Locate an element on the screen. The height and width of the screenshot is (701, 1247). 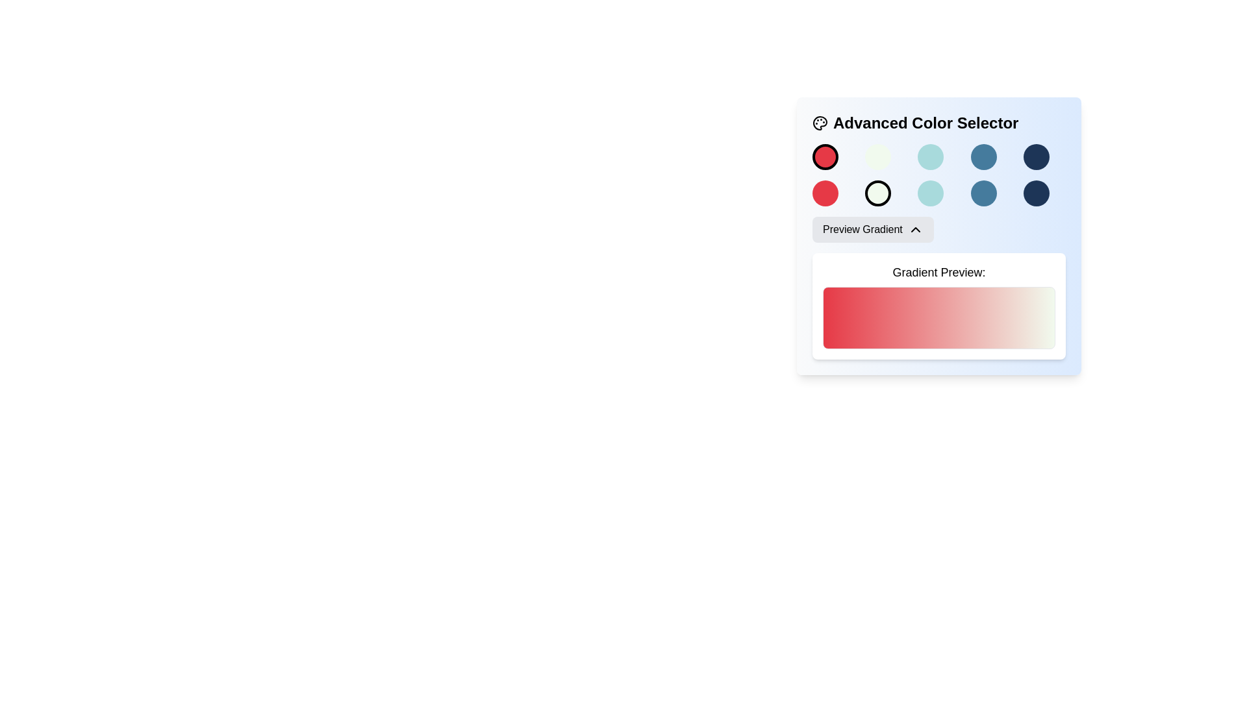
the filled geometric figure within the SVG graphic icon, located is located at coordinates (819, 123).